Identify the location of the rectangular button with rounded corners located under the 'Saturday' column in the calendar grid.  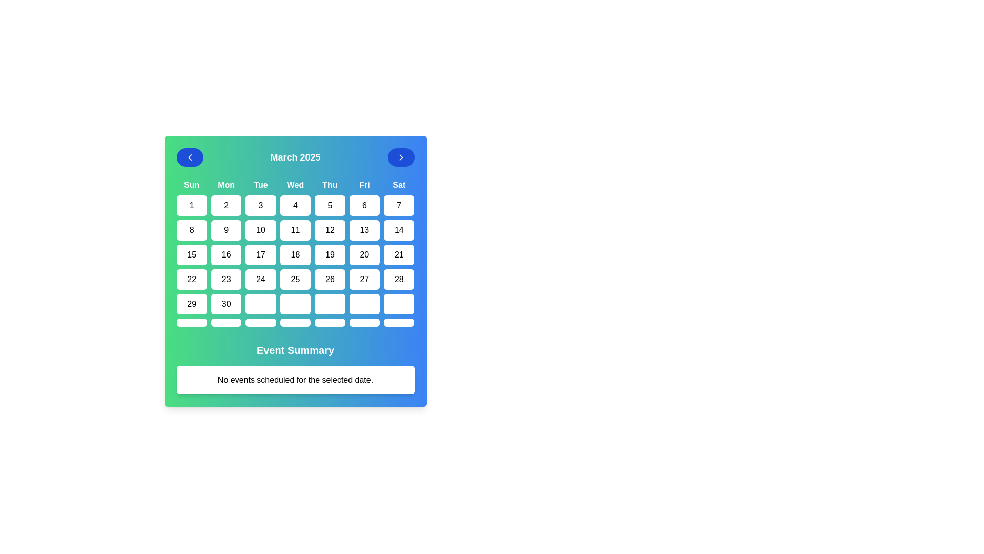
(398, 304).